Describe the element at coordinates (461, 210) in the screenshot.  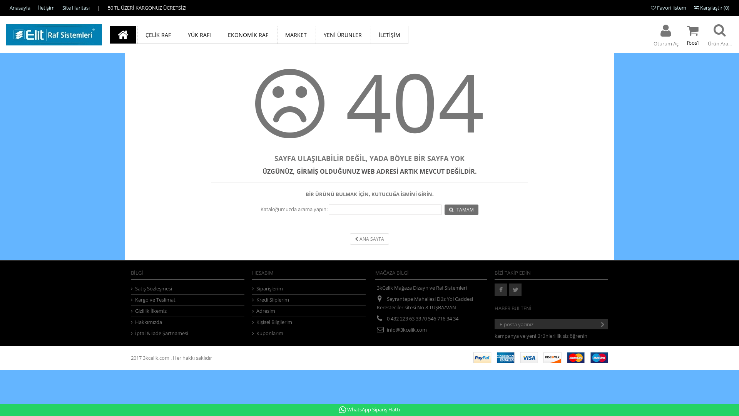
I see `'TAMAM'` at that location.